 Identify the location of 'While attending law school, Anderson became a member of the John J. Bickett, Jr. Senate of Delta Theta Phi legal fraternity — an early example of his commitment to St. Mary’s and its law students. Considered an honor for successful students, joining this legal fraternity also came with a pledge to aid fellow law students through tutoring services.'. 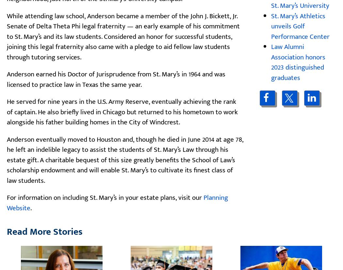
(123, 36).